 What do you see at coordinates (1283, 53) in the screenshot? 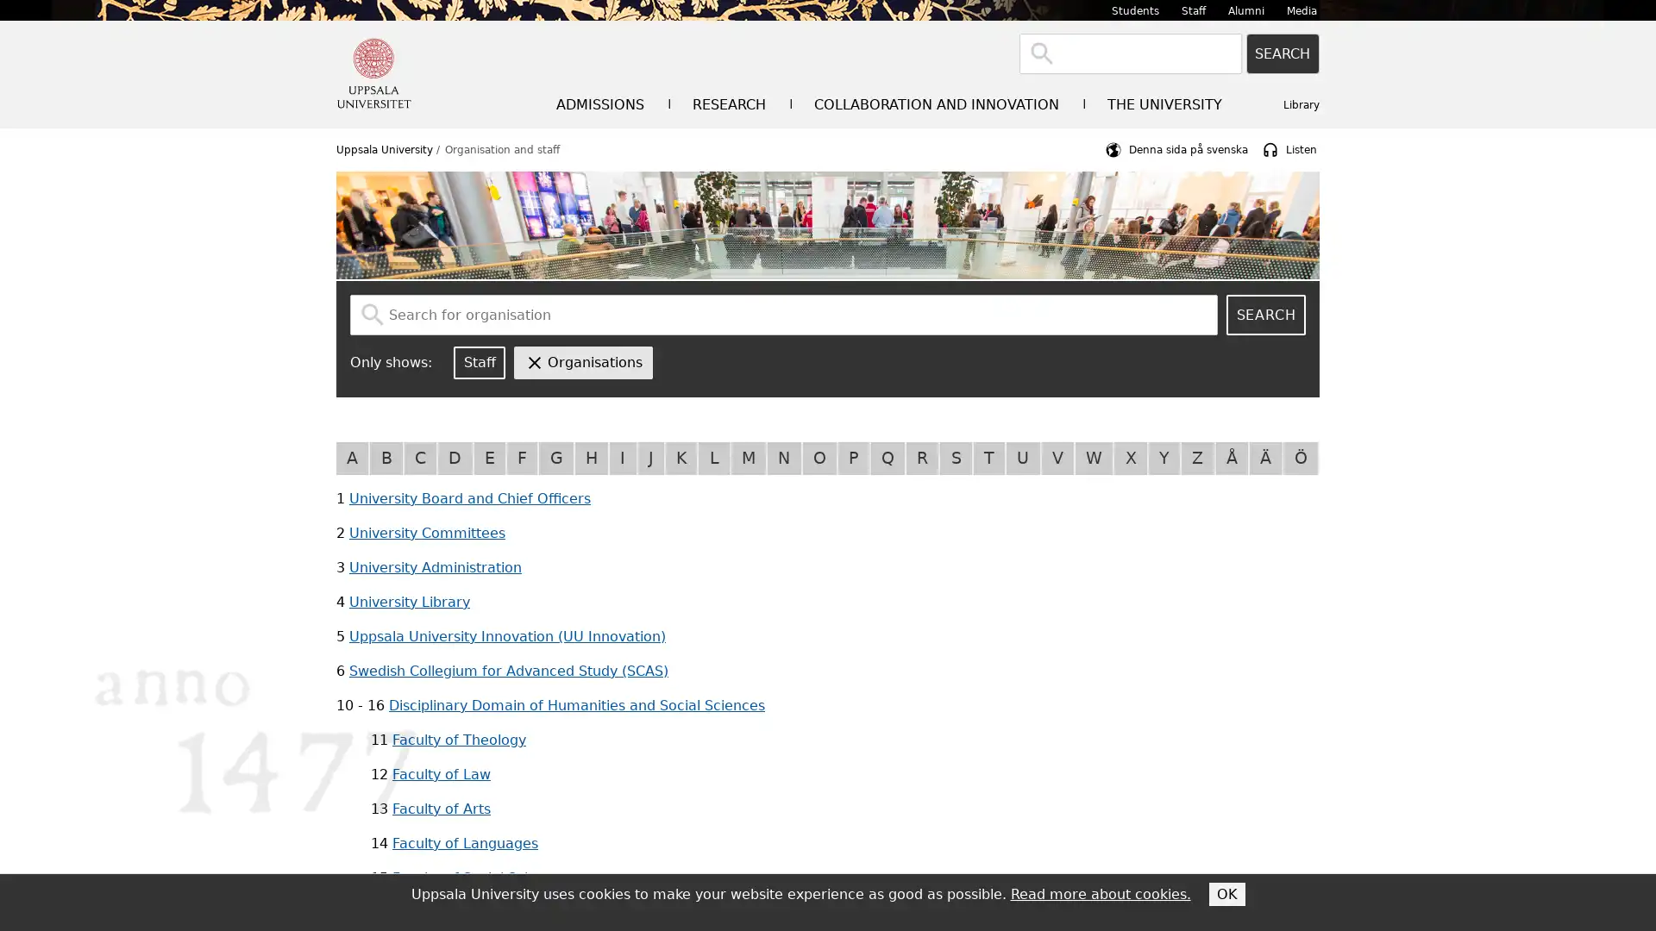
I see `Search` at bounding box center [1283, 53].